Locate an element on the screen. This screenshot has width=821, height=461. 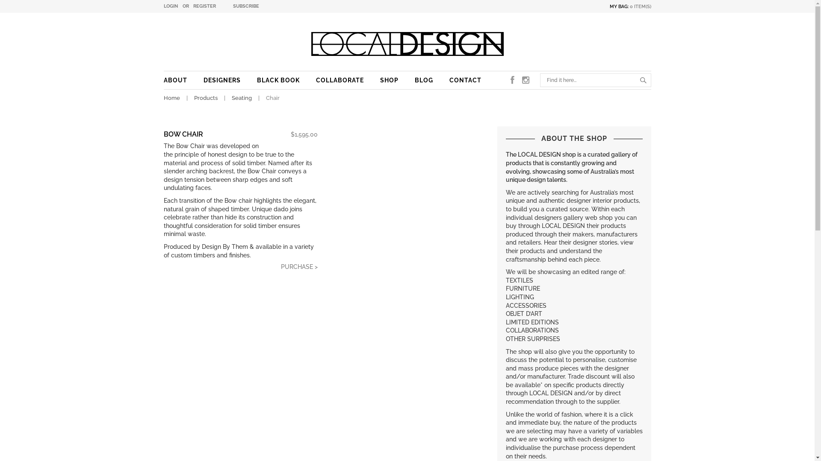
'Seating' is located at coordinates (241, 97).